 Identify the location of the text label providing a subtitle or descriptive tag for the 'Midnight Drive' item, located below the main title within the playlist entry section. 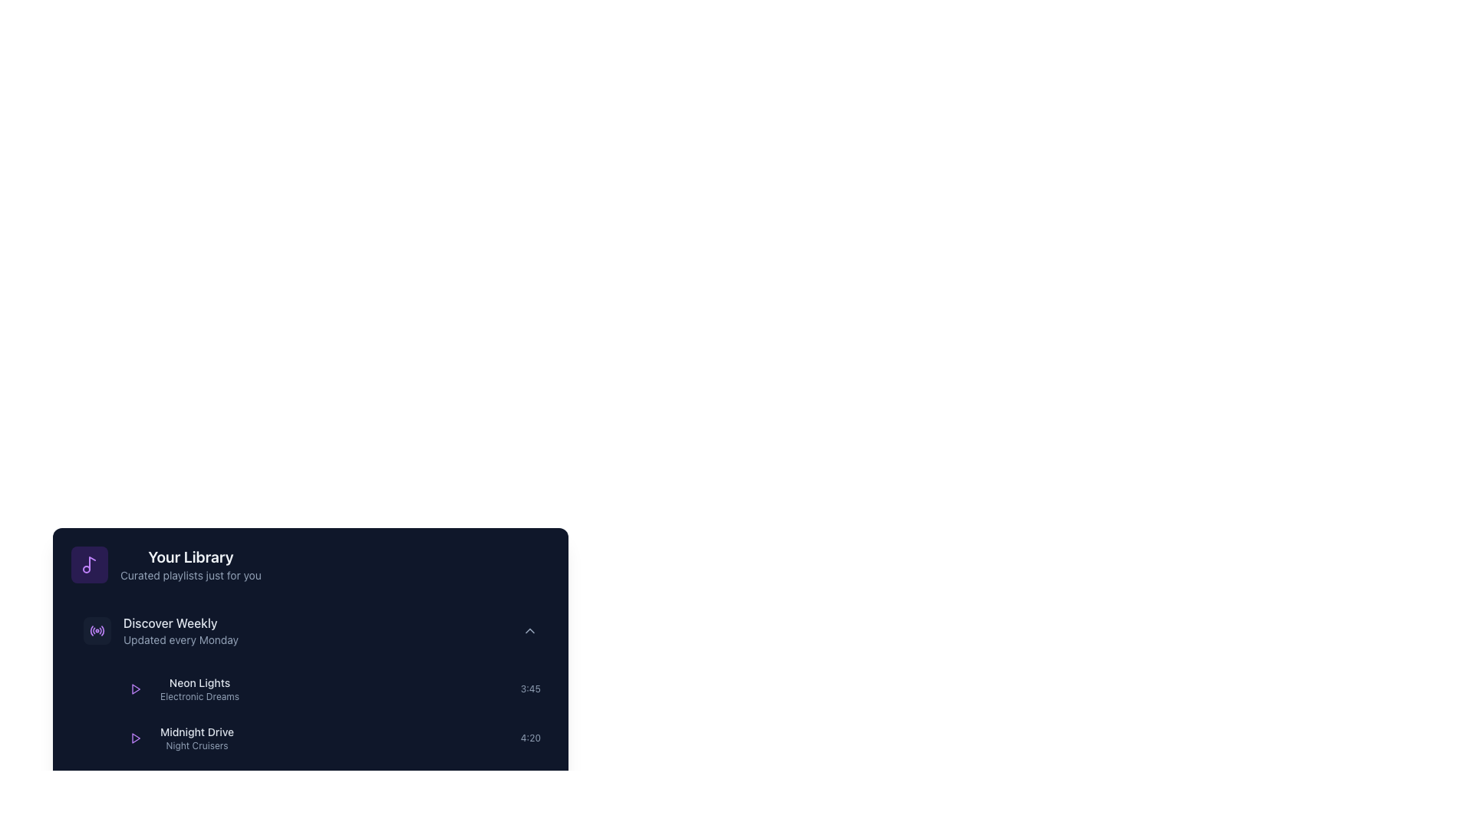
(196, 745).